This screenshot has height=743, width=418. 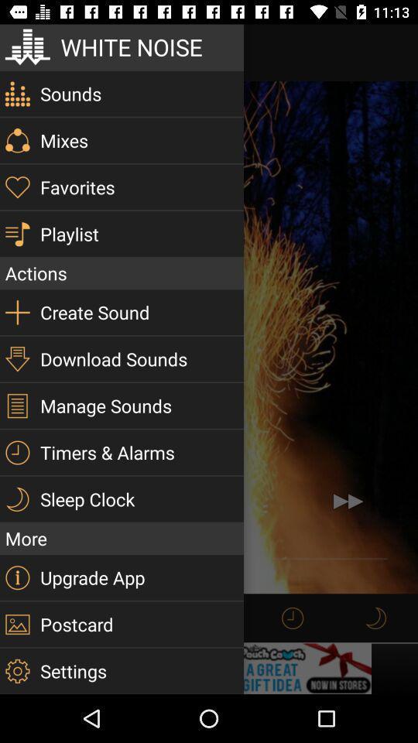 I want to click on the av_forward icon, so click(x=348, y=501).